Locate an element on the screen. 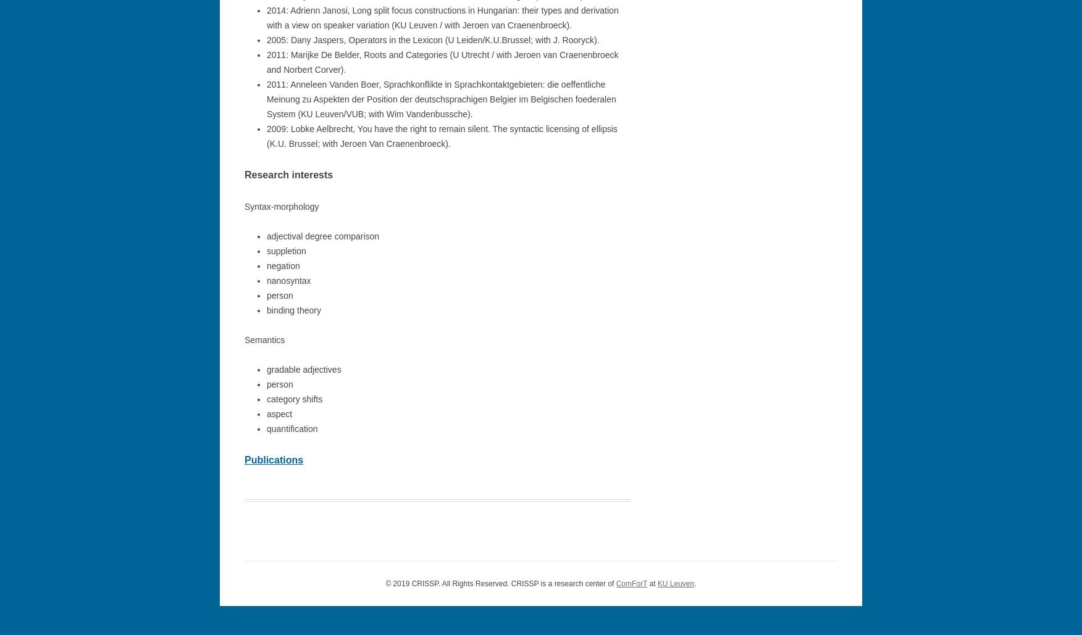 The height and width of the screenshot is (635, 1082). '© 2019 CRISSP. All Rights Reserved. CRISSP is a research center of' is located at coordinates (385, 583).